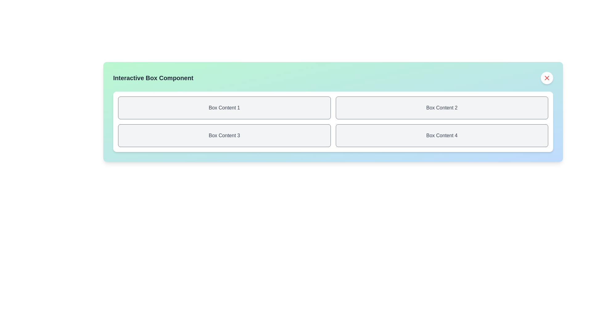 The image size is (592, 333). I want to click on the text element displaying 'Box Content 2', so click(442, 108).